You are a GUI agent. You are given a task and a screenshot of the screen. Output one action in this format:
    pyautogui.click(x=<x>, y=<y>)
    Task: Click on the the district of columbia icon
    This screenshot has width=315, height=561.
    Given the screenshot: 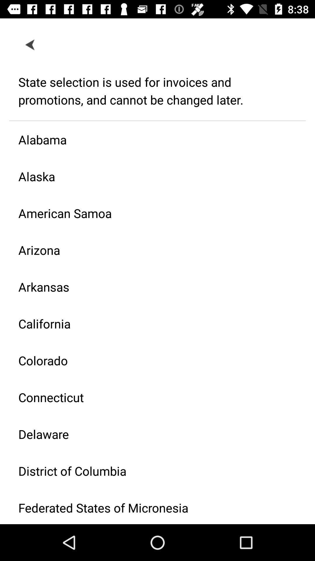 What is the action you would take?
    pyautogui.click(x=153, y=471)
    